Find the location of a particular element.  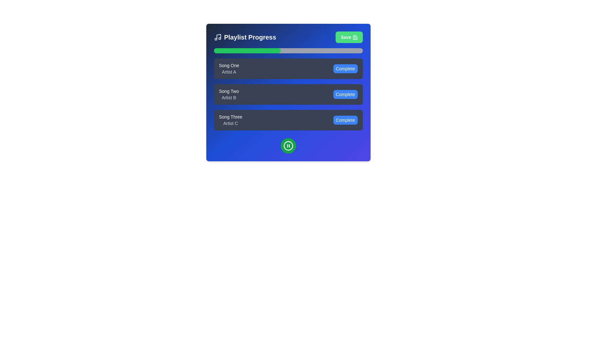

the circular green button with a pause symbol is located at coordinates (288, 146).